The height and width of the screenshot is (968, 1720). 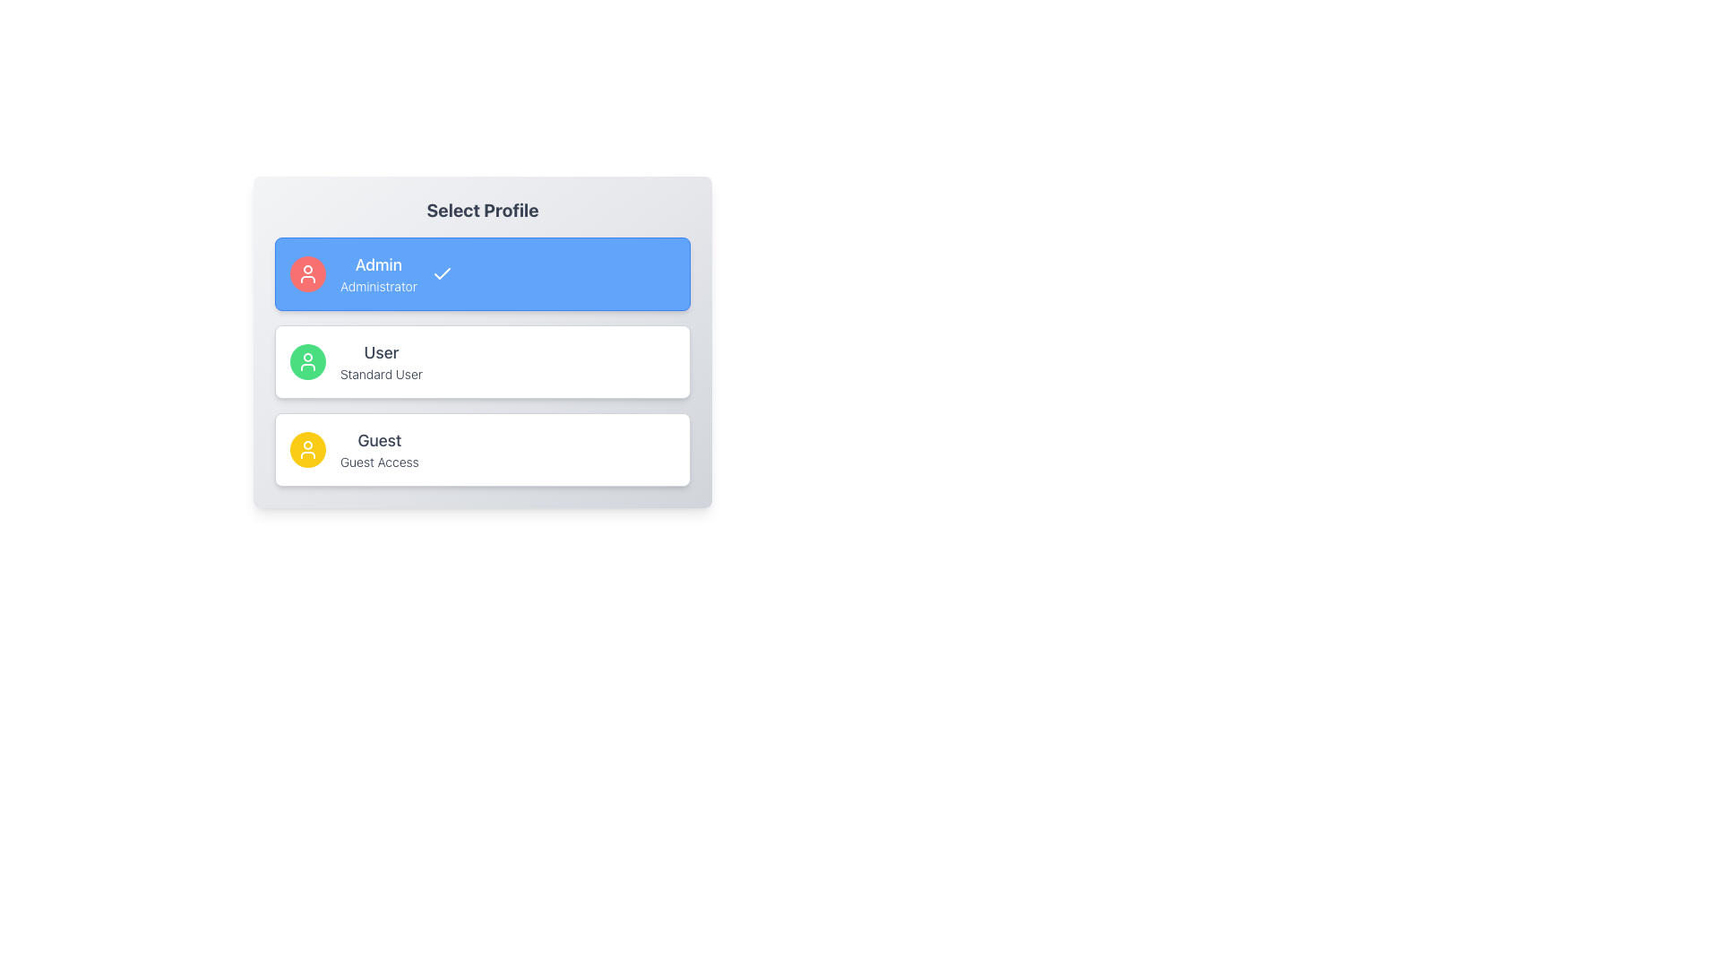 I want to click on the 'Admin' text element, which displays 'Admin' in bold and 'Administrator' in lighter font, located in the blue section with rounded edges, positioned to the right of a red user icon, so click(x=377, y=273).